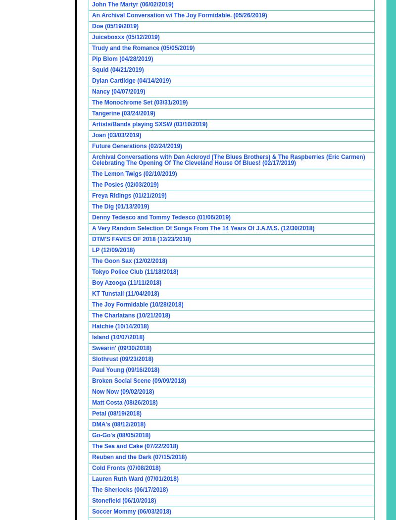  I want to click on 'Paul Young (09/16/2018)', so click(125, 369).